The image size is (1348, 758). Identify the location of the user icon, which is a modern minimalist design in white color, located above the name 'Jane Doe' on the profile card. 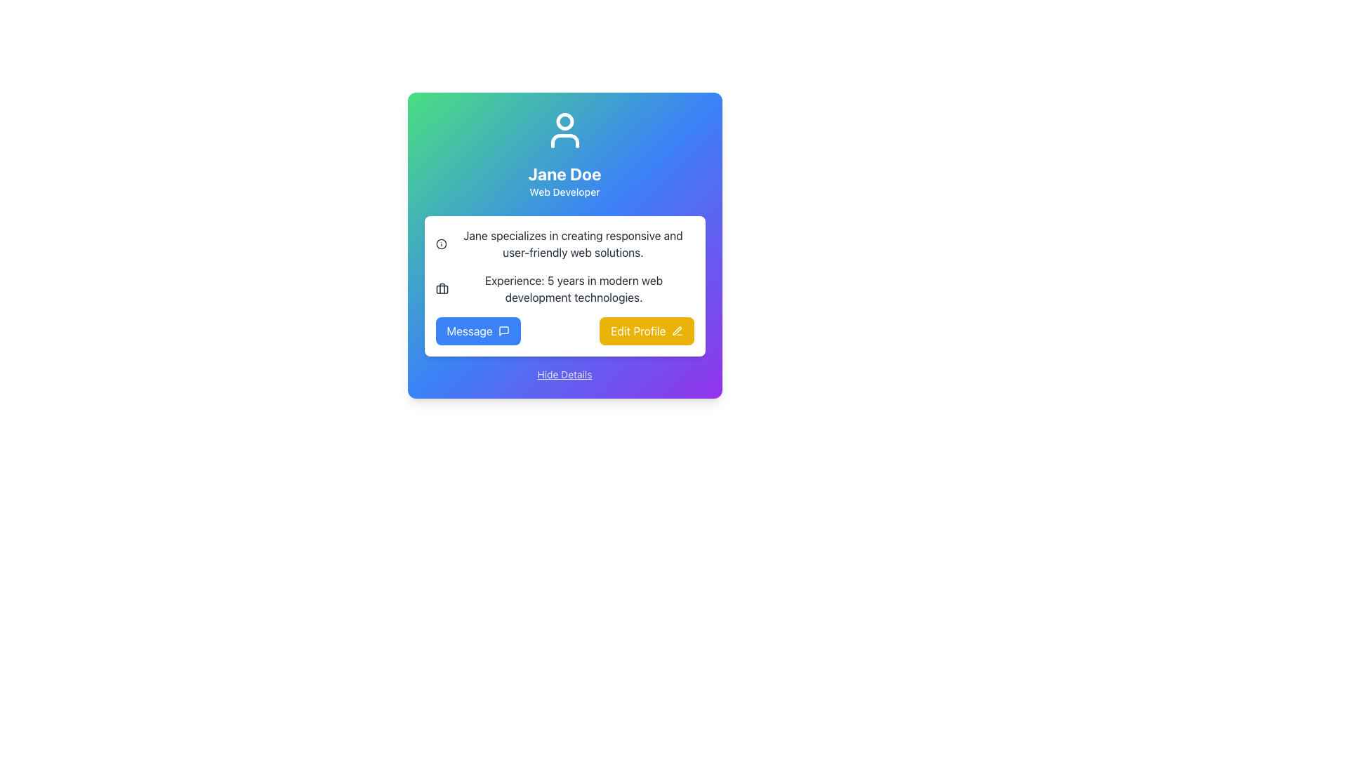
(564, 130).